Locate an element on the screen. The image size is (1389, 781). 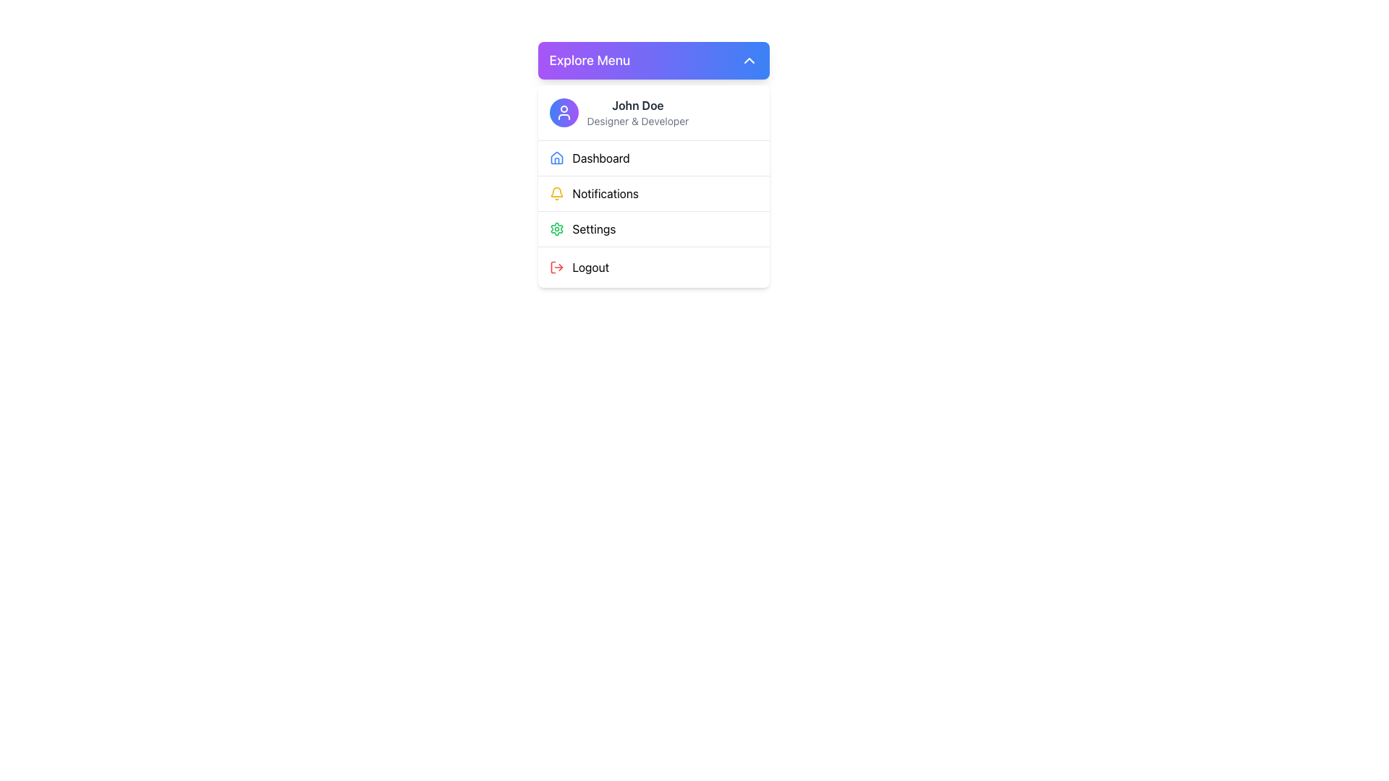
the 'Dashboard' text label in the vertical menu is located at coordinates (601, 158).